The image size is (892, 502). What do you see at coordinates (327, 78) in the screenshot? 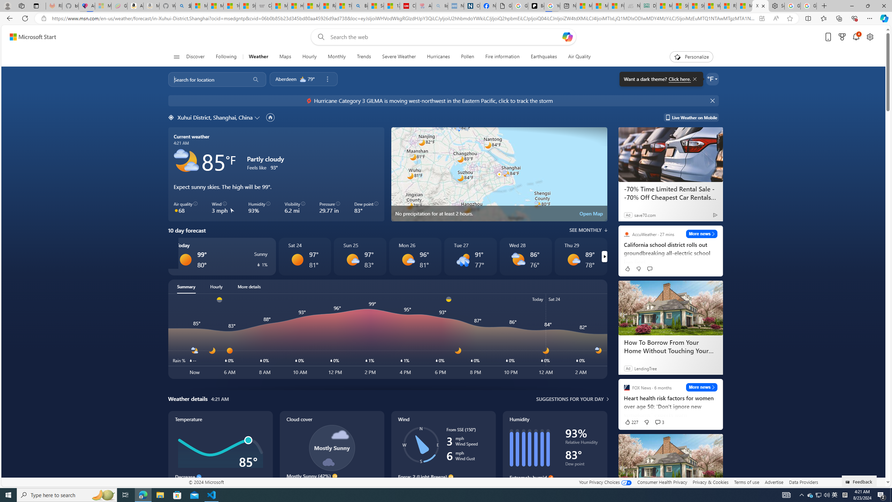
I see `'Remove location'` at bounding box center [327, 78].